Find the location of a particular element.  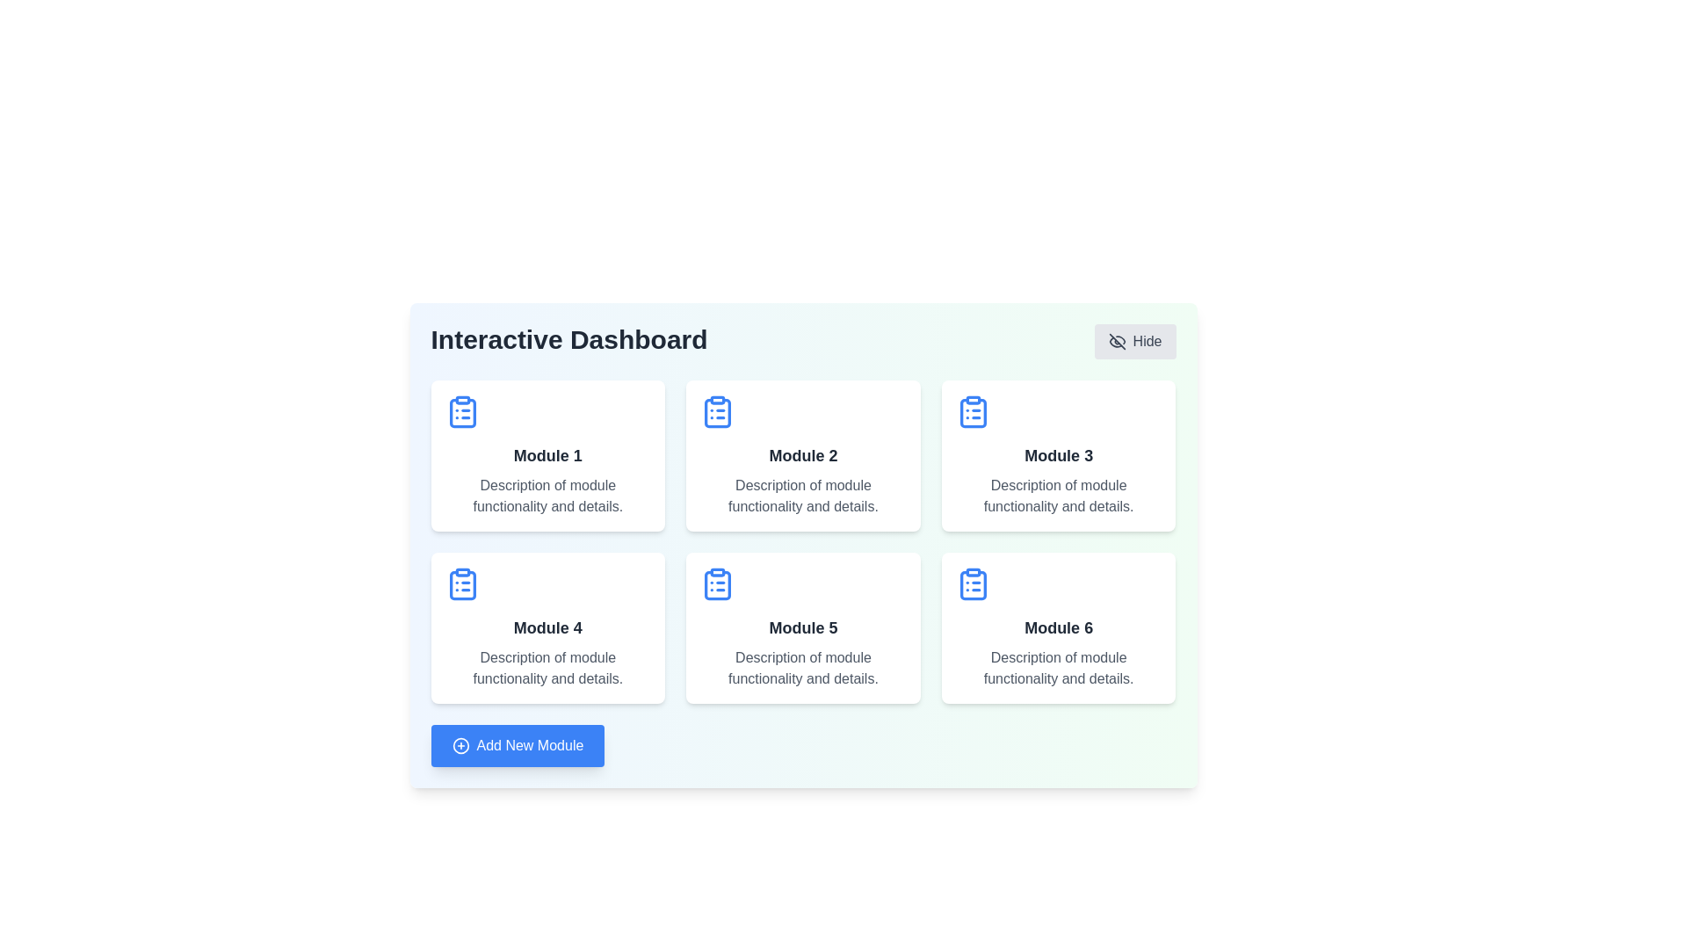

the Card element displaying information about 'Module 1', which is located in the top-left corner of the module grid is located at coordinates (547, 455).